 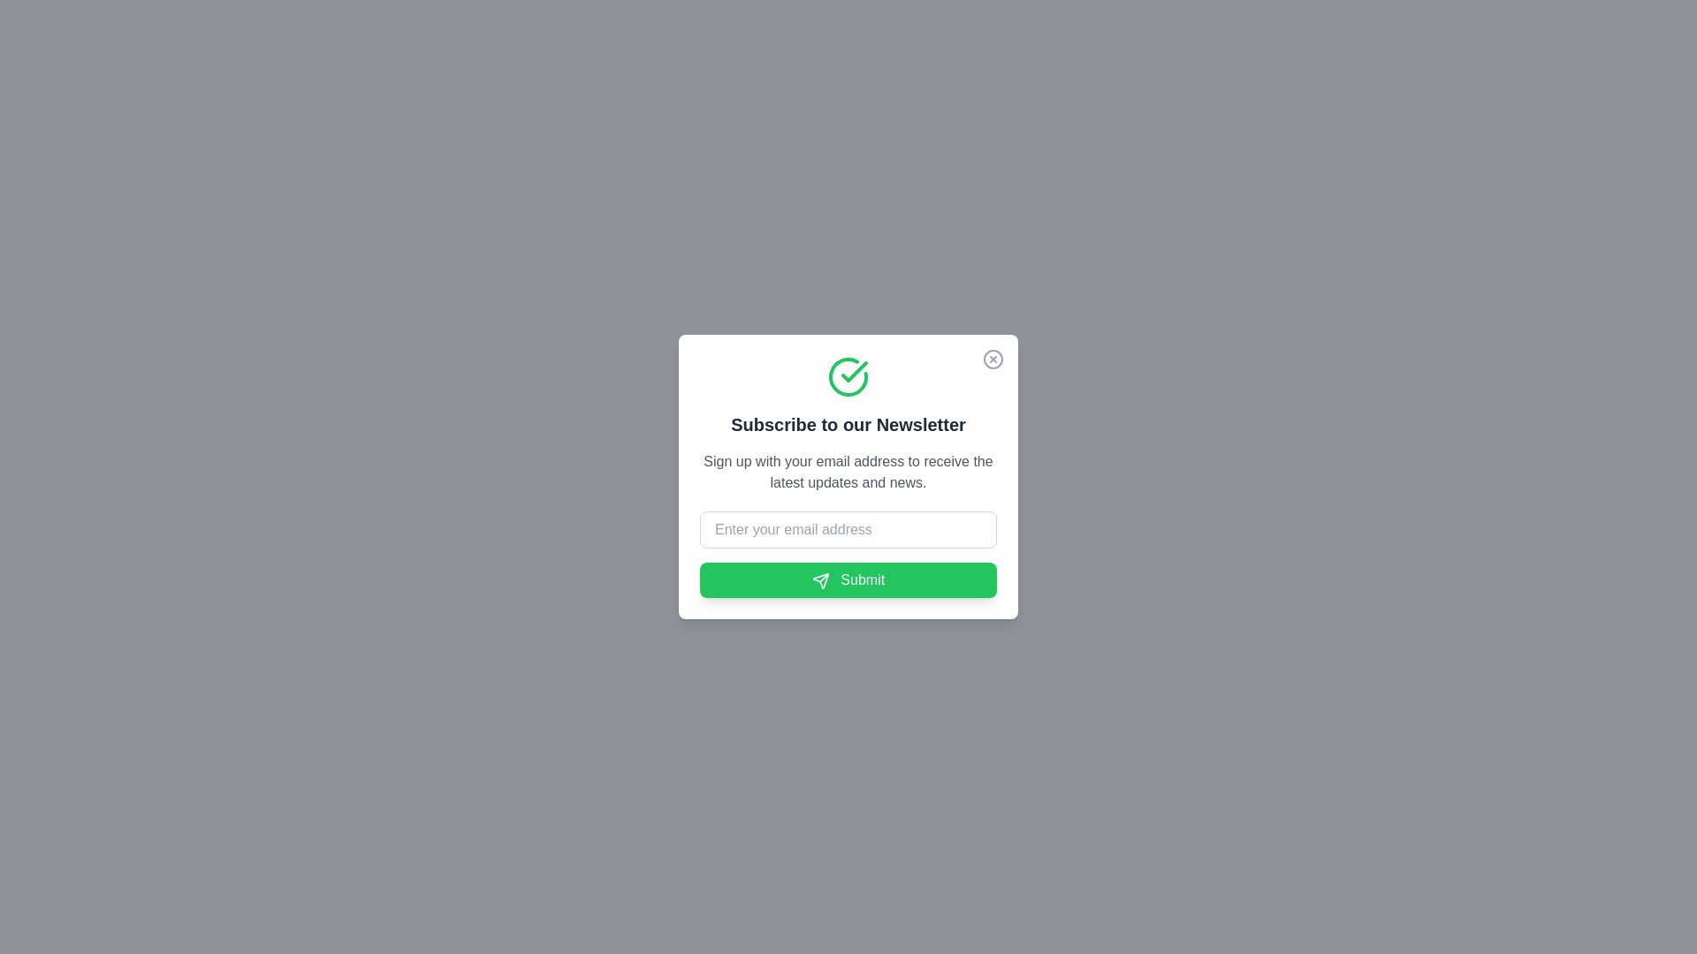 I want to click on the 'Submit' button to send the newsletter signup form, so click(x=848, y=579).